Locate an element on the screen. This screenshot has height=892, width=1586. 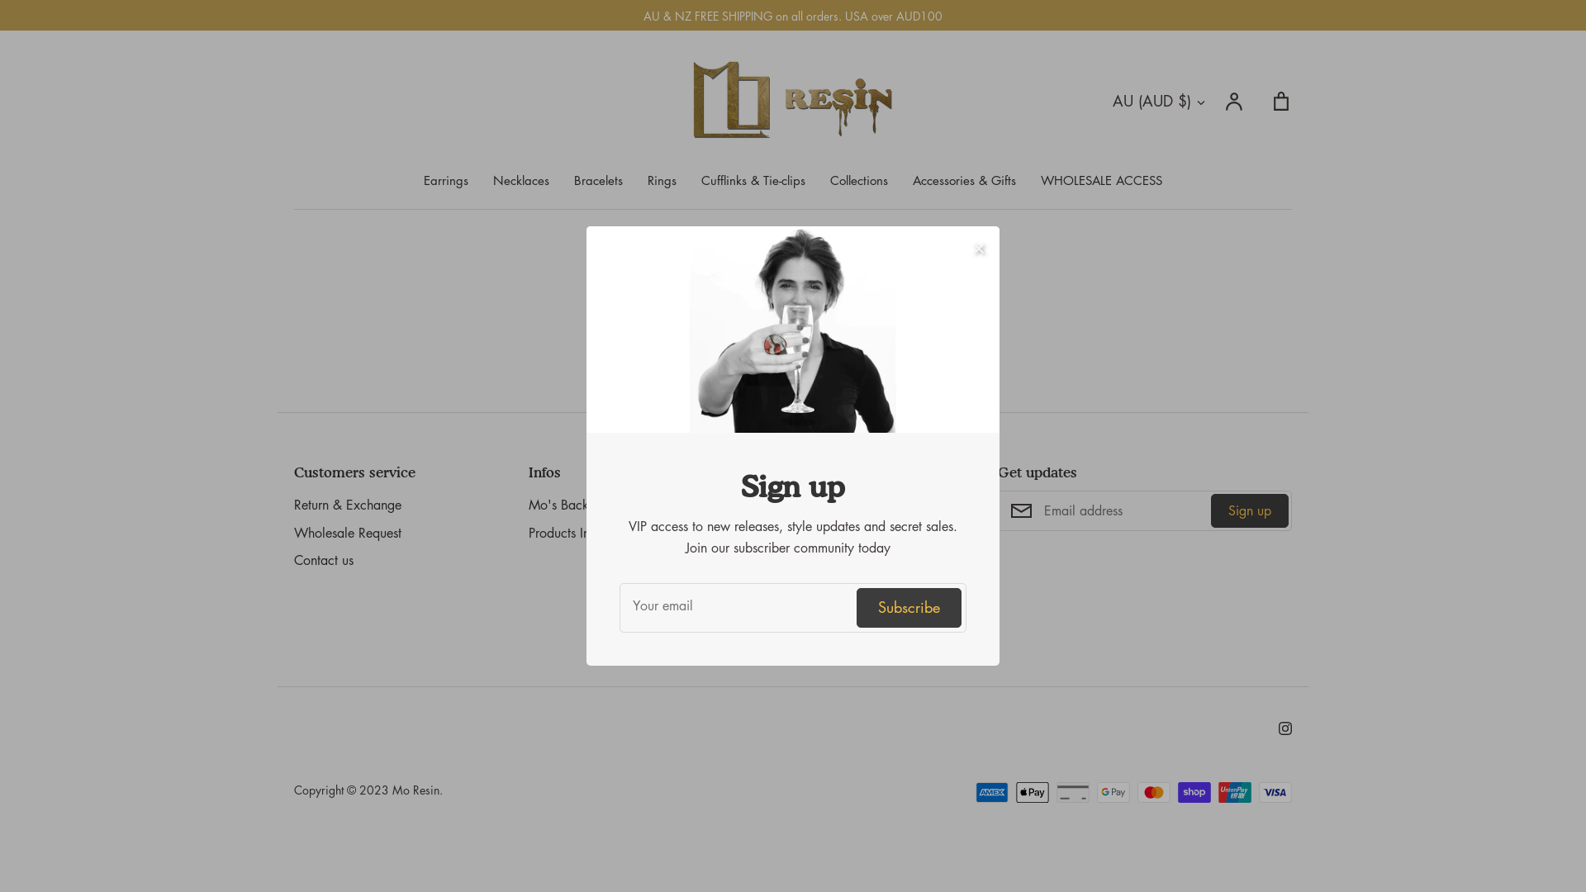
'WHOLESALE ACCESS' is located at coordinates (1101, 180).